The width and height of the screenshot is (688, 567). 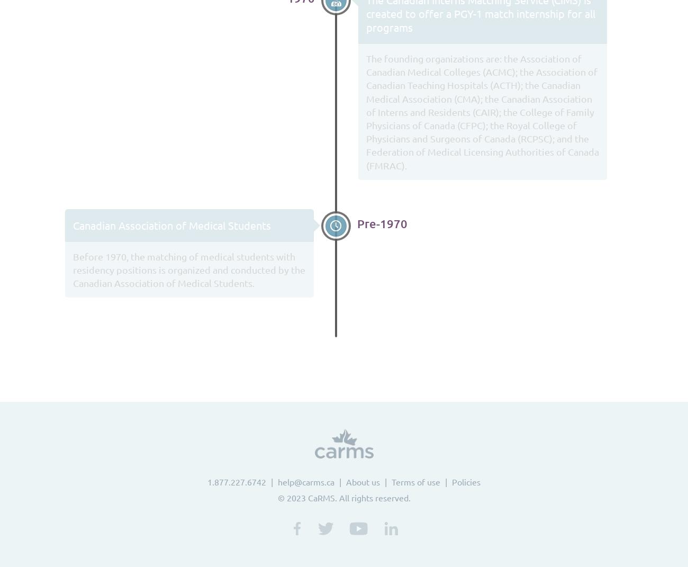 I want to click on 'The founding organizations are: the Association of Canadian Medical Colleges (ACMC); the Association of Canadian Teaching Hospitals (ACTH); the Canadian Medical Association (CMA); the Canadian Association of Interns and Residents (CAIR); the College of Family Physicians of Canada (CFPC); the Royal College of Physicians and Surgeons of Canada (RCPSC); and the Federation of Medical Licensing Authorities of Canada (FMRAC).', so click(x=482, y=111).